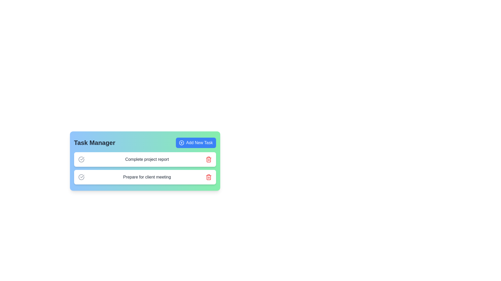 This screenshot has height=281, width=501. I want to click on the delete icon button located on the right side of the 'Complete project report' task row, so click(208, 159).